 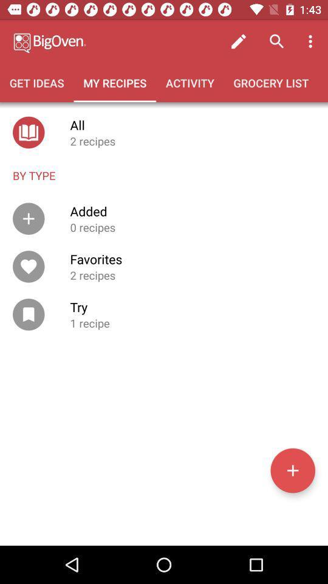 What do you see at coordinates (292, 470) in the screenshot?
I see `new recipe` at bounding box center [292, 470].